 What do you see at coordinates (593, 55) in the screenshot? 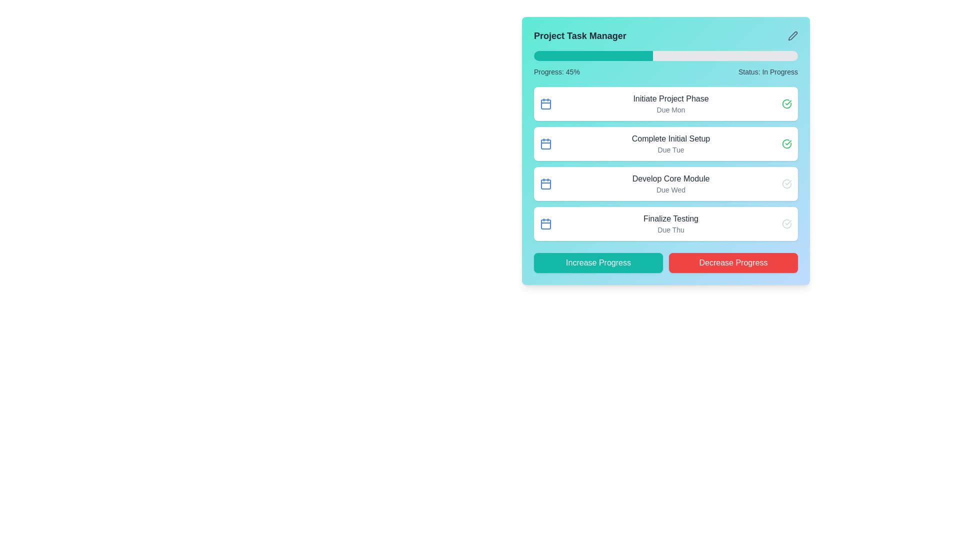
I see `the progress bar` at bounding box center [593, 55].